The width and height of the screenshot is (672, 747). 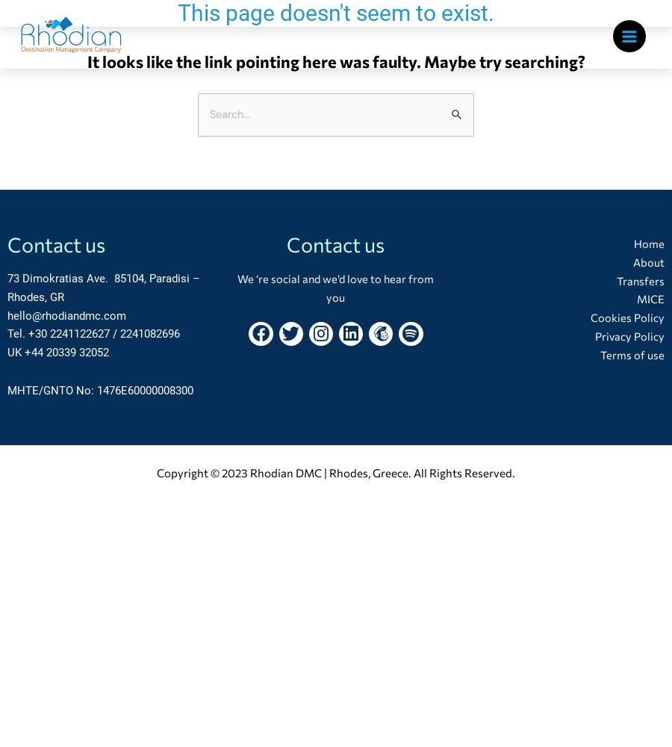 What do you see at coordinates (650, 299) in the screenshot?
I see `'MICE'` at bounding box center [650, 299].